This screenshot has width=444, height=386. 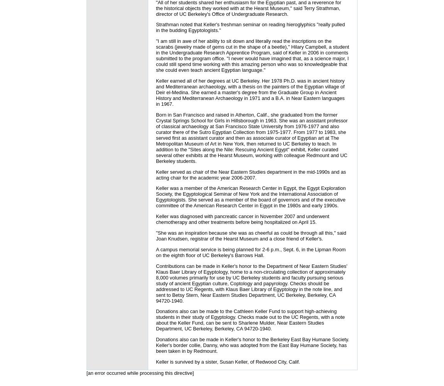 What do you see at coordinates (252, 345) in the screenshot?
I see `'Donations also can be made in Keller's honor to the Berkeley East Bay Humane Society. Keller's border collie, Danny, who was adopted from the East Bay Humane Society, has been taken in by Redmount.'` at bounding box center [252, 345].